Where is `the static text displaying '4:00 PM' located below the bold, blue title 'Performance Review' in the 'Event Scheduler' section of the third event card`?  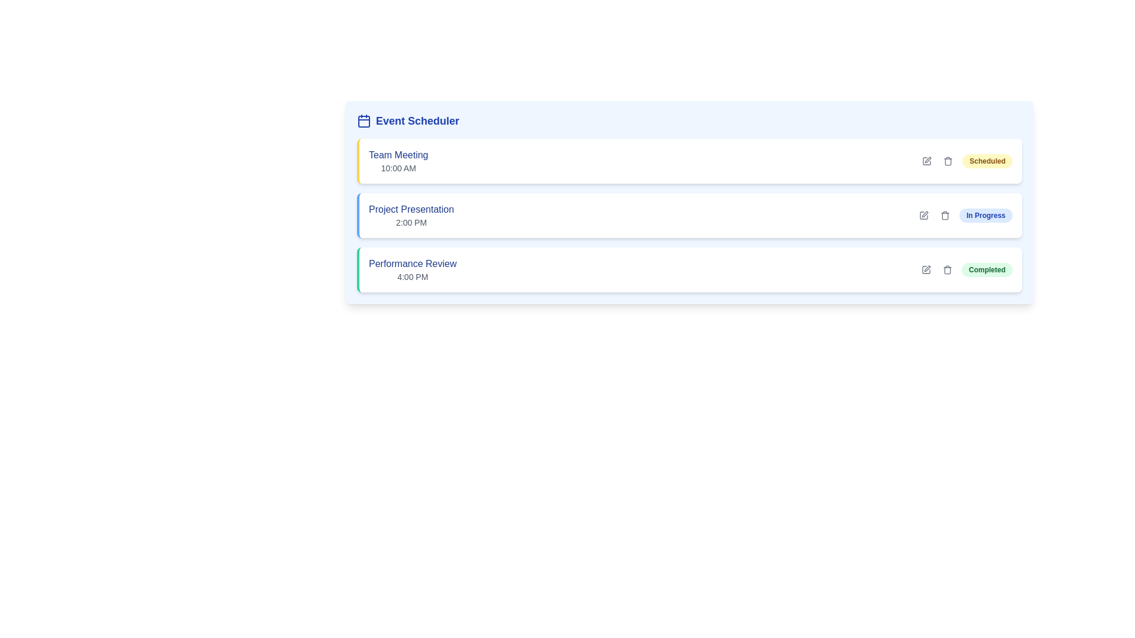 the static text displaying '4:00 PM' located below the bold, blue title 'Performance Review' in the 'Event Scheduler' section of the third event card is located at coordinates (413, 277).